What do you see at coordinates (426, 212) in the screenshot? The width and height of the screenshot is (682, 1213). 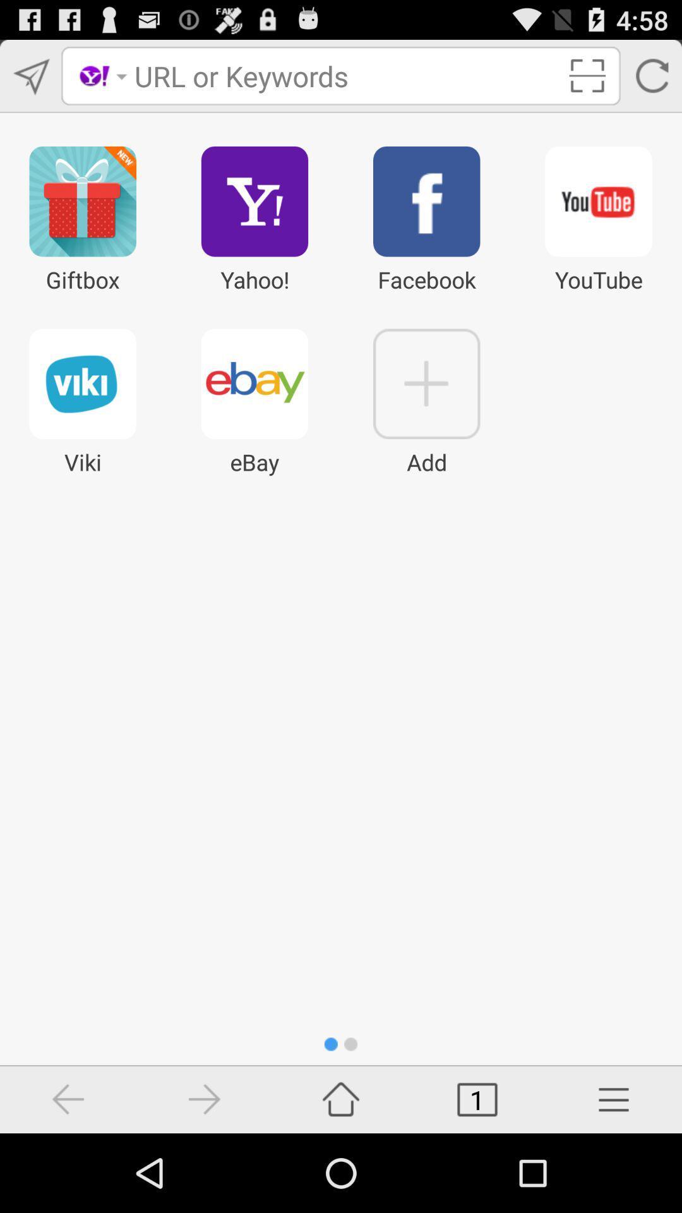 I see `facebook` at bounding box center [426, 212].